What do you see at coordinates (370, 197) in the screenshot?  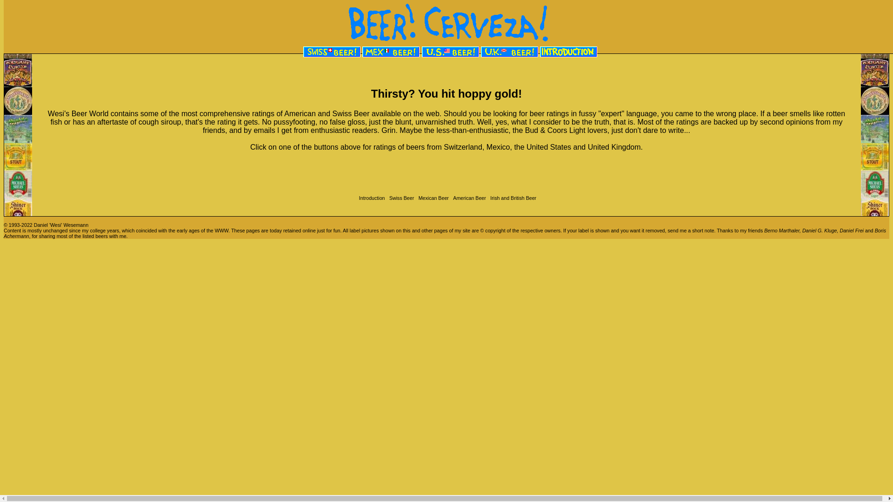 I see `'Introduction'` at bounding box center [370, 197].